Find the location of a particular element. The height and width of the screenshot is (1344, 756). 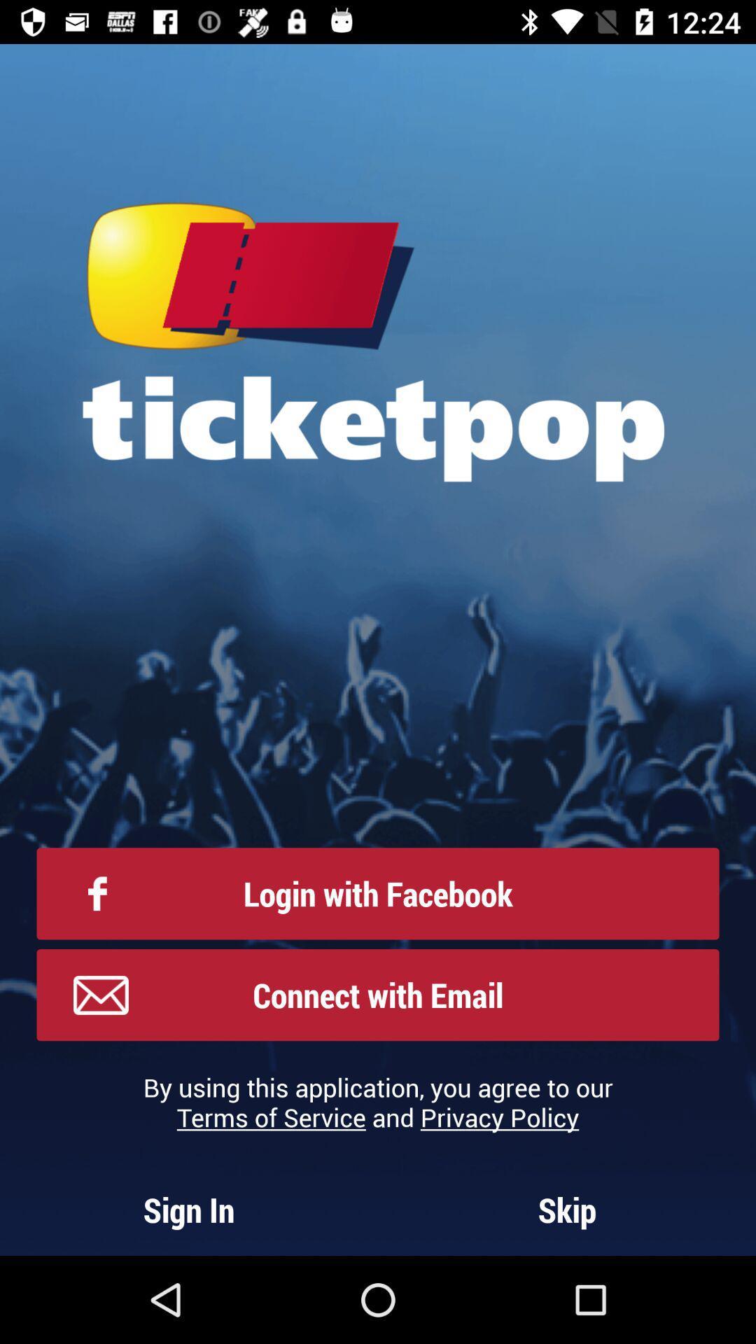

icon above sign in item is located at coordinates (378, 1101).